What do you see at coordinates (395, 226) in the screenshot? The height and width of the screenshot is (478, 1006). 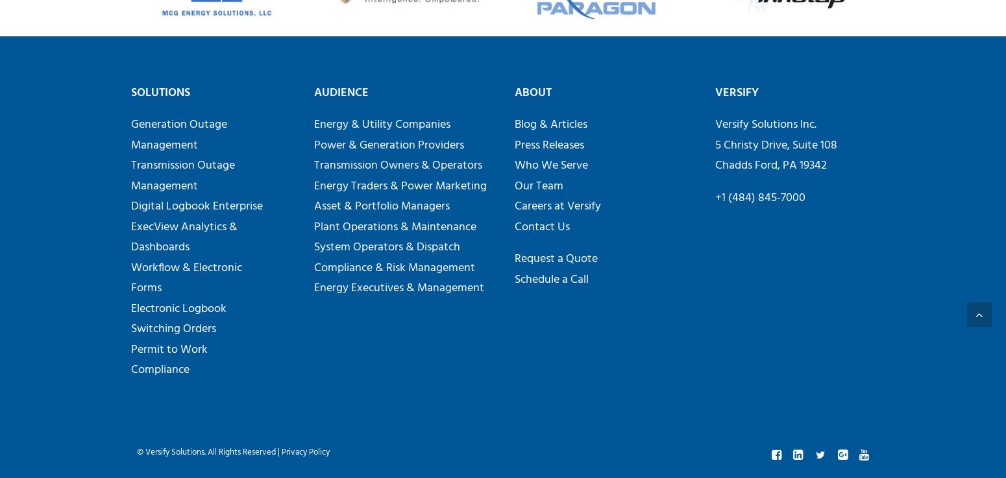 I see `'Plant Operations & Maintenance'` at bounding box center [395, 226].